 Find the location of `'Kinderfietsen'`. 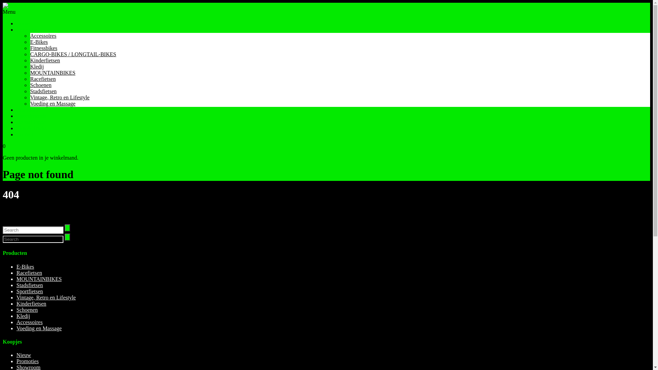

'Kinderfietsen' is located at coordinates (45, 60).